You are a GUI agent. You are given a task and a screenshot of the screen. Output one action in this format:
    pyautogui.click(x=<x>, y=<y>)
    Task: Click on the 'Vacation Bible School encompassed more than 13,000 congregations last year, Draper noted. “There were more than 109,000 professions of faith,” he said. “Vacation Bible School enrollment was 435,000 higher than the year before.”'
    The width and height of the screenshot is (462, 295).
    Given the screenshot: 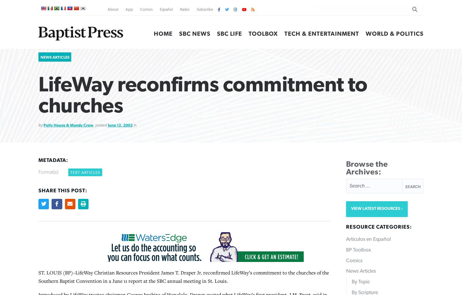 What is the action you would take?
    pyautogui.click(x=38, y=215)
    